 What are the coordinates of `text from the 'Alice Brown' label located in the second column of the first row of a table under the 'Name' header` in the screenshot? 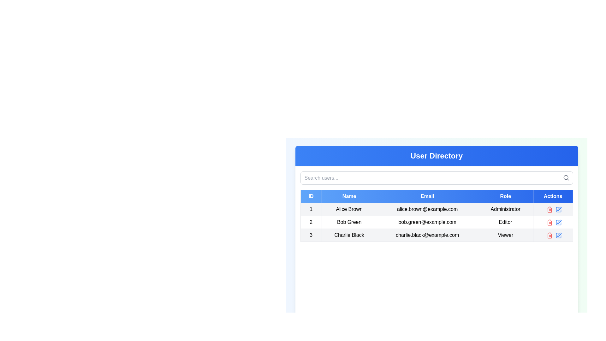 It's located at (349, 209).